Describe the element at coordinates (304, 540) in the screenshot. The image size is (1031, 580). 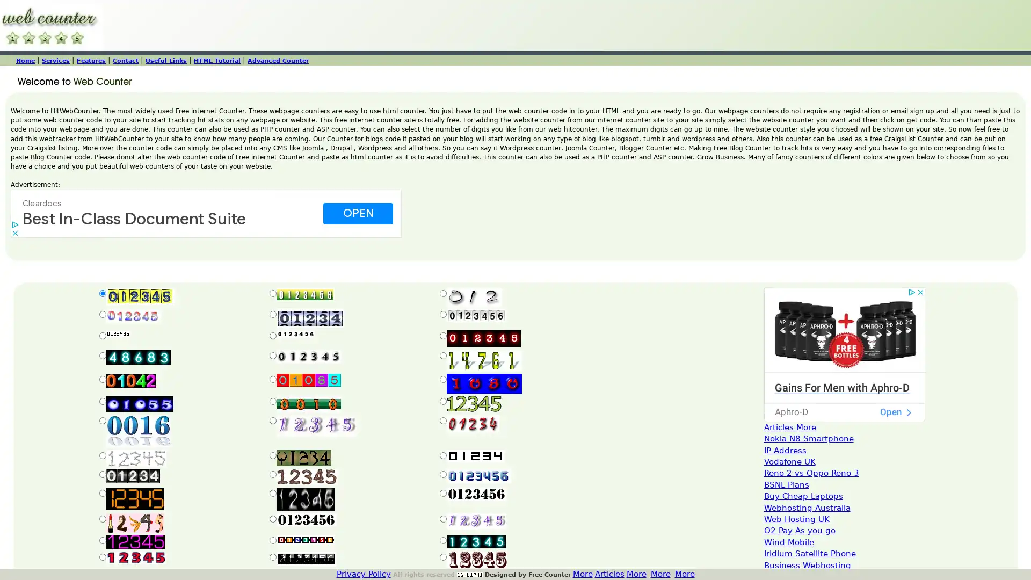
I see `Submit` at that location.